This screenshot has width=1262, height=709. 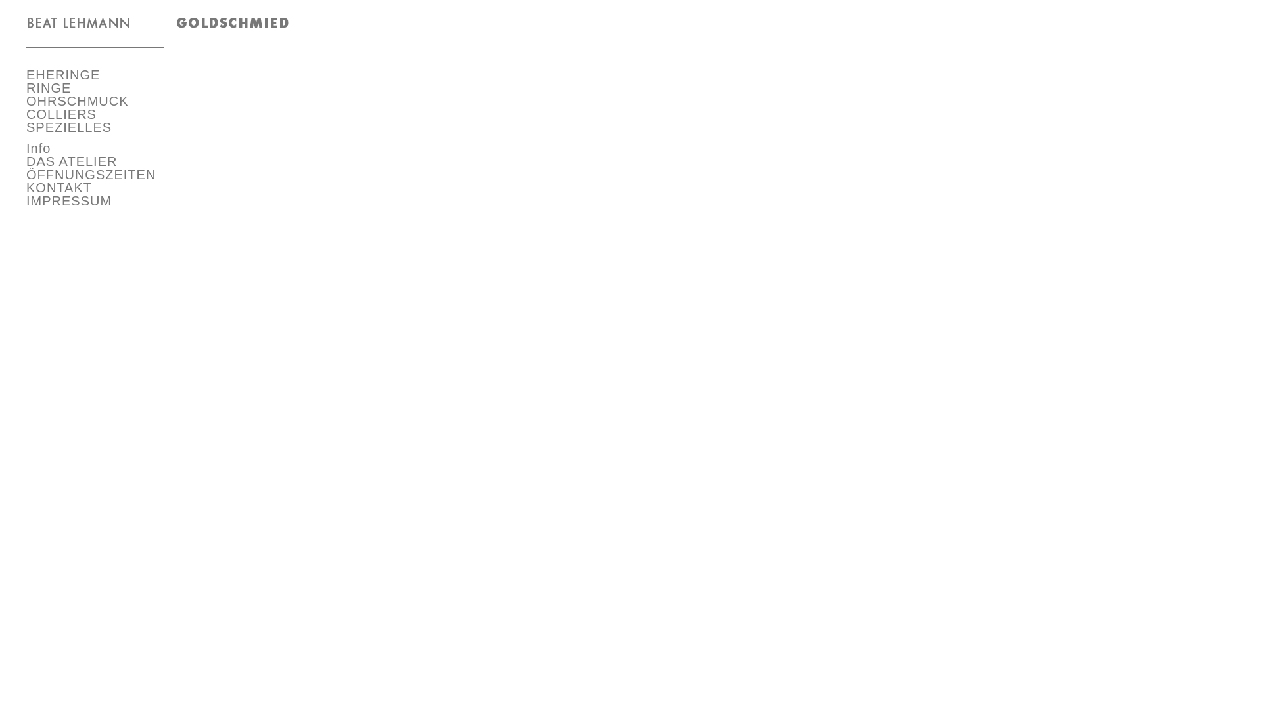 I want to click on 'DAS ATELIER', so click(x=71, y=161).